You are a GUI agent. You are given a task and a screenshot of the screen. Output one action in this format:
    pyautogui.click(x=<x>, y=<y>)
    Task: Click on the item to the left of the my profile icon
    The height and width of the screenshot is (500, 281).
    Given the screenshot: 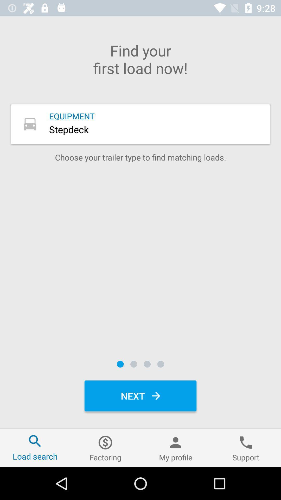 What is the action you would take?
    pyautogui.click(x=105, y=448)
    